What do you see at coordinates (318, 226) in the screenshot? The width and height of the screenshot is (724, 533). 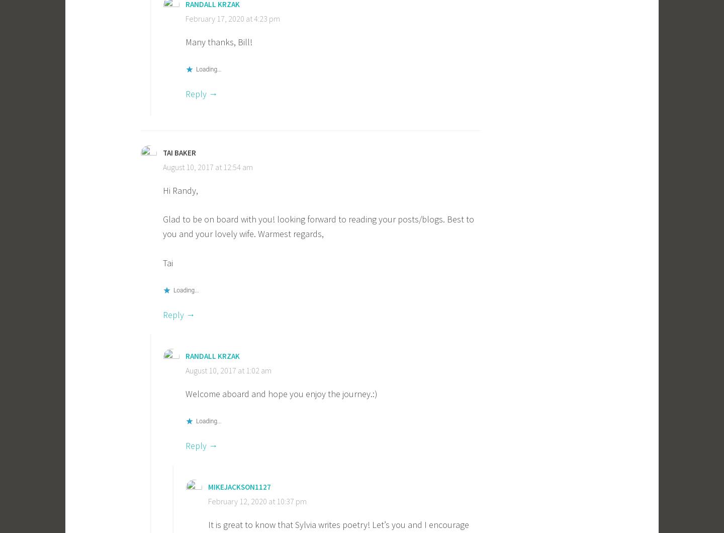 I see `'Glad to be on board with you! looking forward to reading your posts/blogs. Best to you and your lovely wife. Warmest regards,'` at bounding box center [318, 226].